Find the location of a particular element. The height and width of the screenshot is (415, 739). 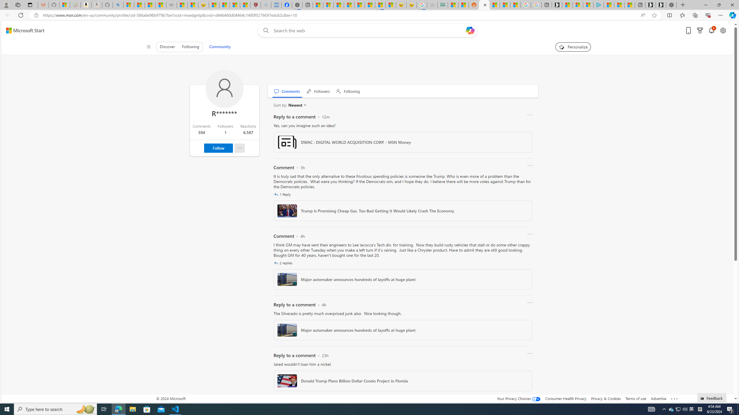

'2 replies' is located at coordinates (283, 263).